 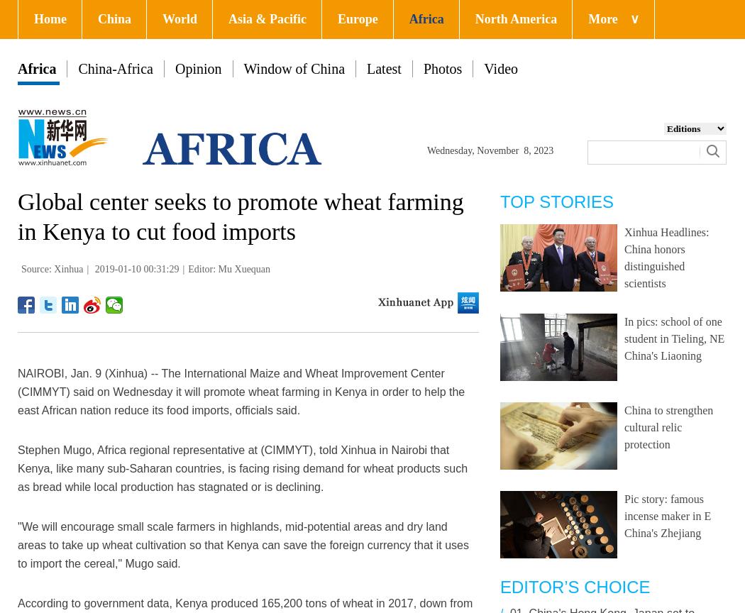 What do you see at coordinates (242, 544) in the screenshot?
I see `'"We will encourage small scale farmers in highlands, mid-potential areas and dry land areas to take up wheat cultivation so that Kenya can save the foreign currency that it uses to import the cereal," Mugo said.'` at bounding box center [242, 544].